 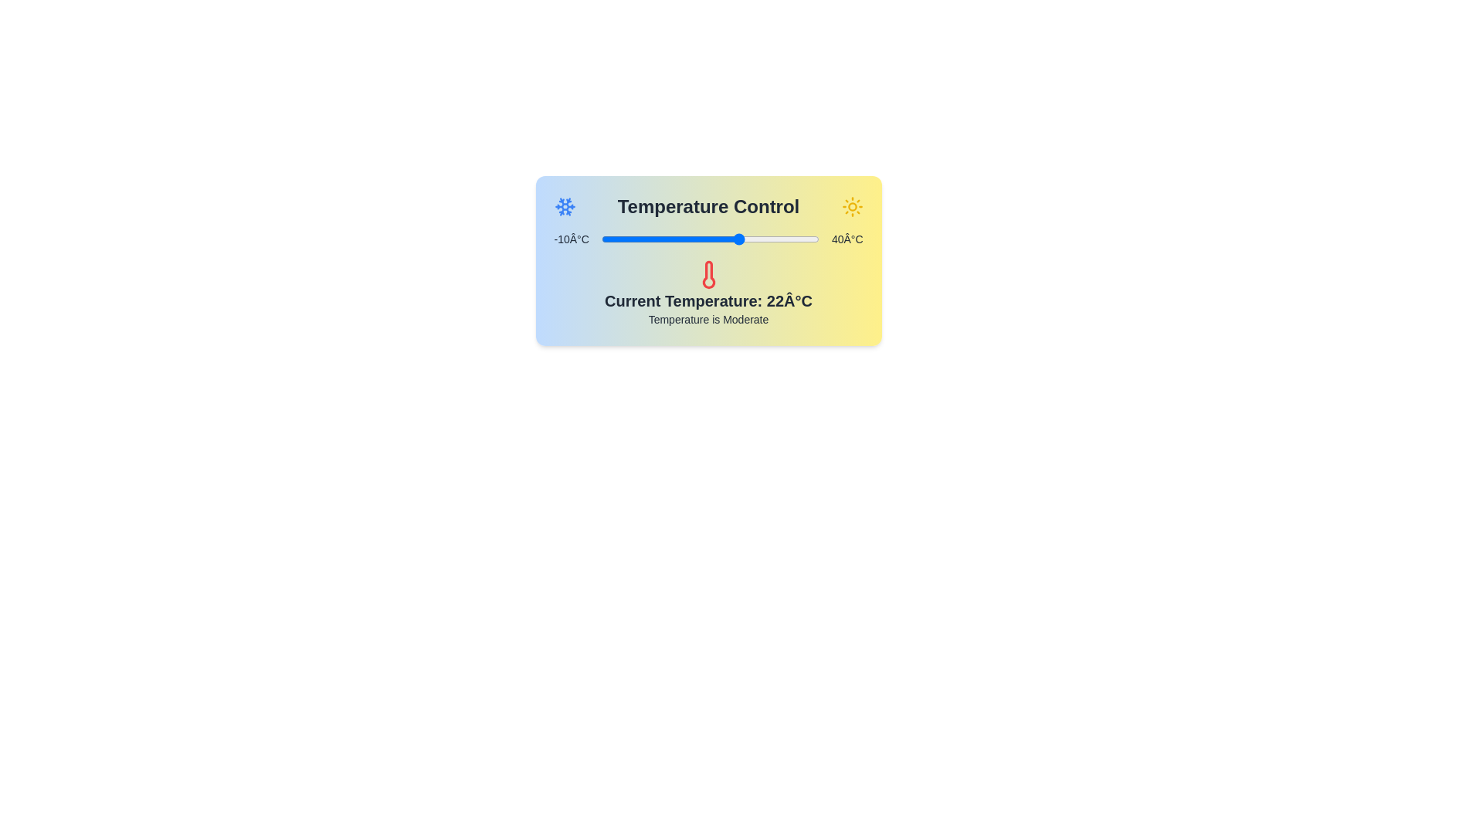 What do you see at coordinates (687, 239) in the screenshot?
I see `the temperature slider to set the temperature to 10 degrees Celsius` at bounding box center [687, 239].